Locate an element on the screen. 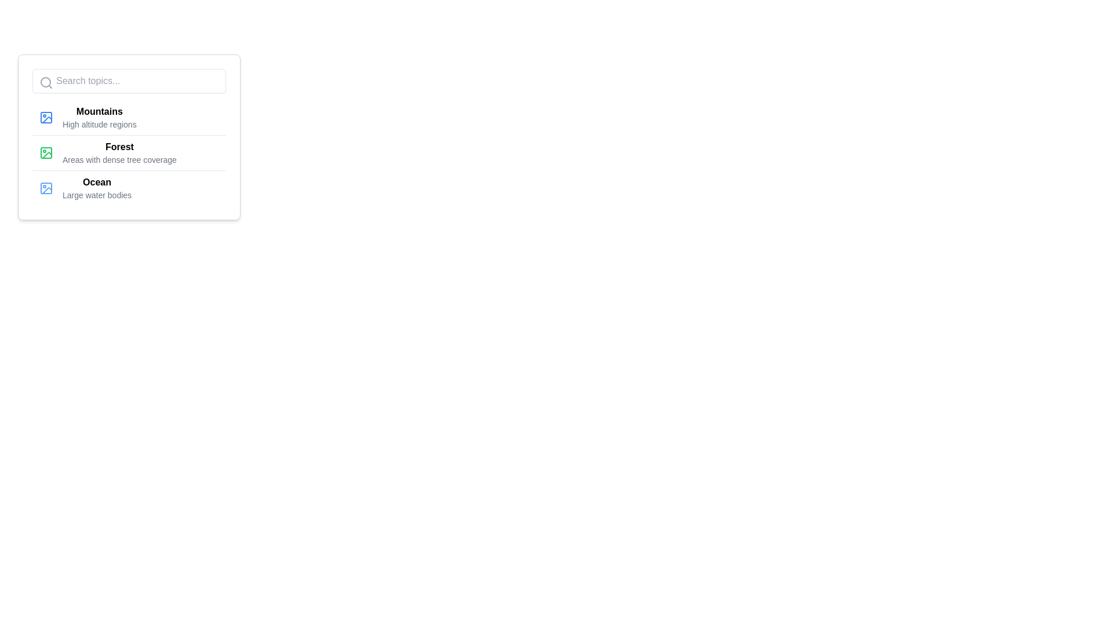  the icon representing an image or media with a blue outline, located next to the label 'Mountains' in the interface is located at coordinates (46, 118).